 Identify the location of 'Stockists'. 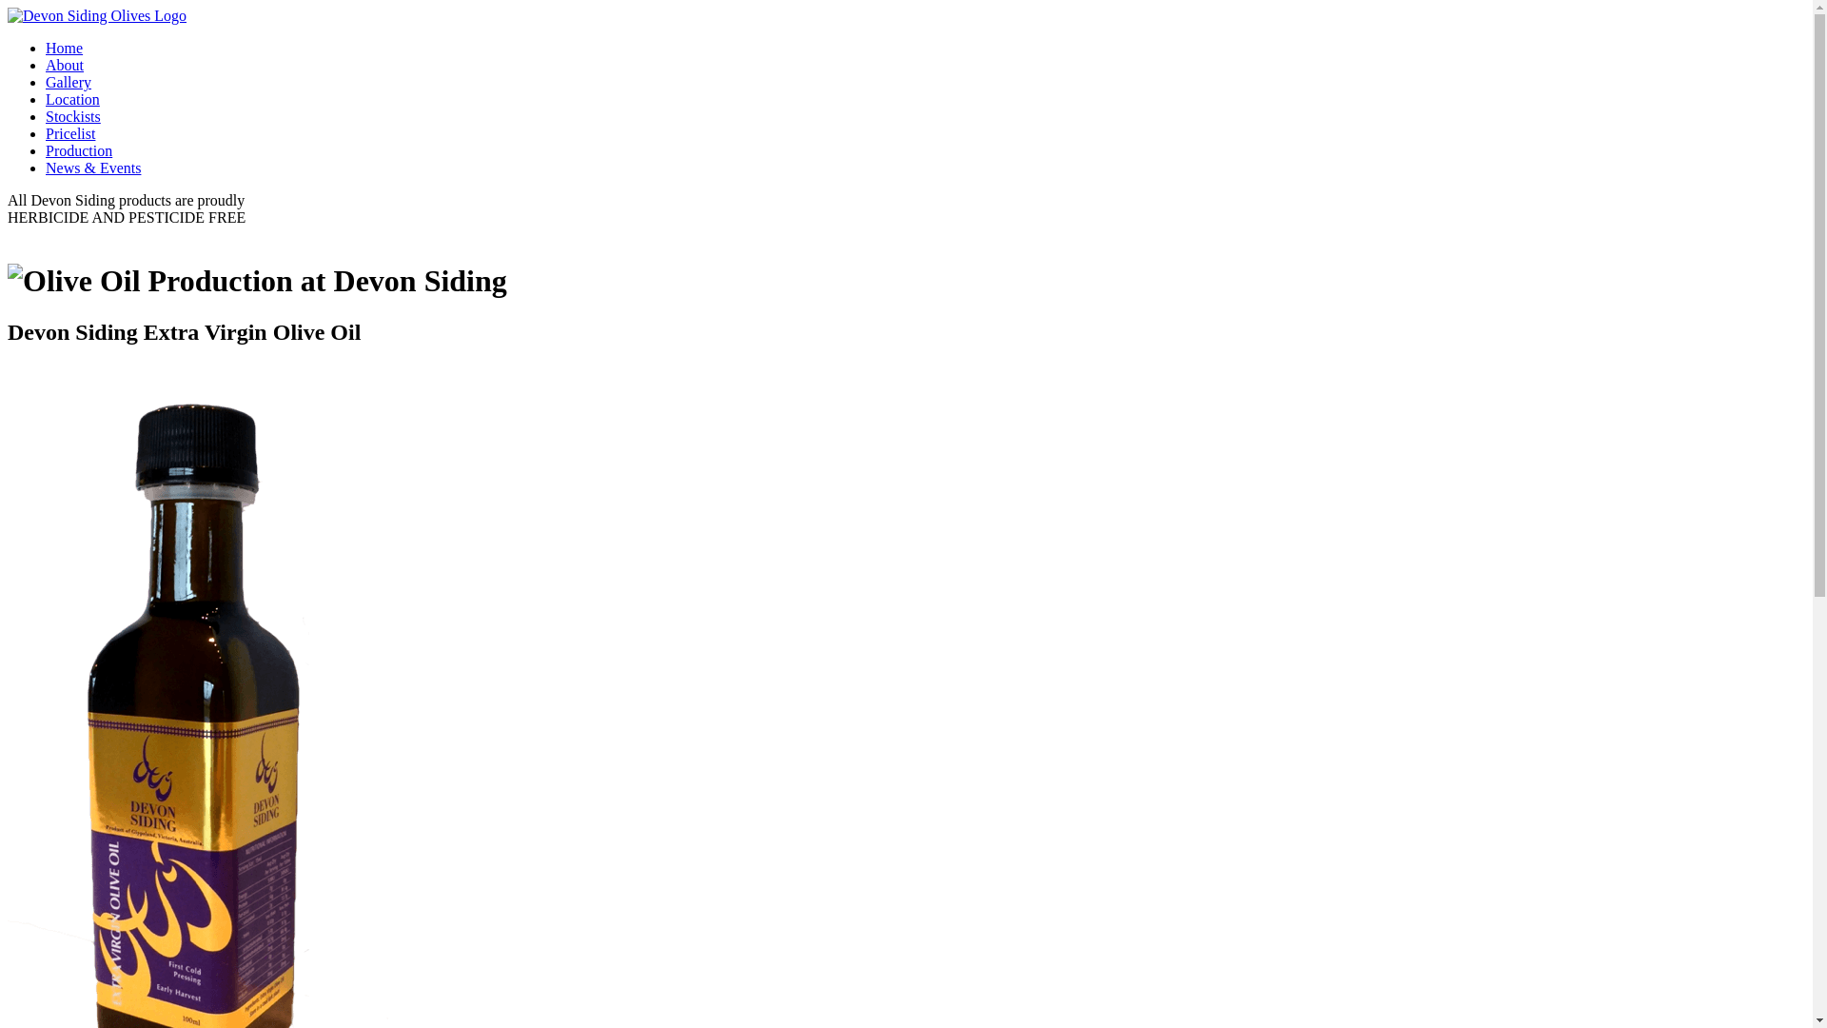
(72, 116).